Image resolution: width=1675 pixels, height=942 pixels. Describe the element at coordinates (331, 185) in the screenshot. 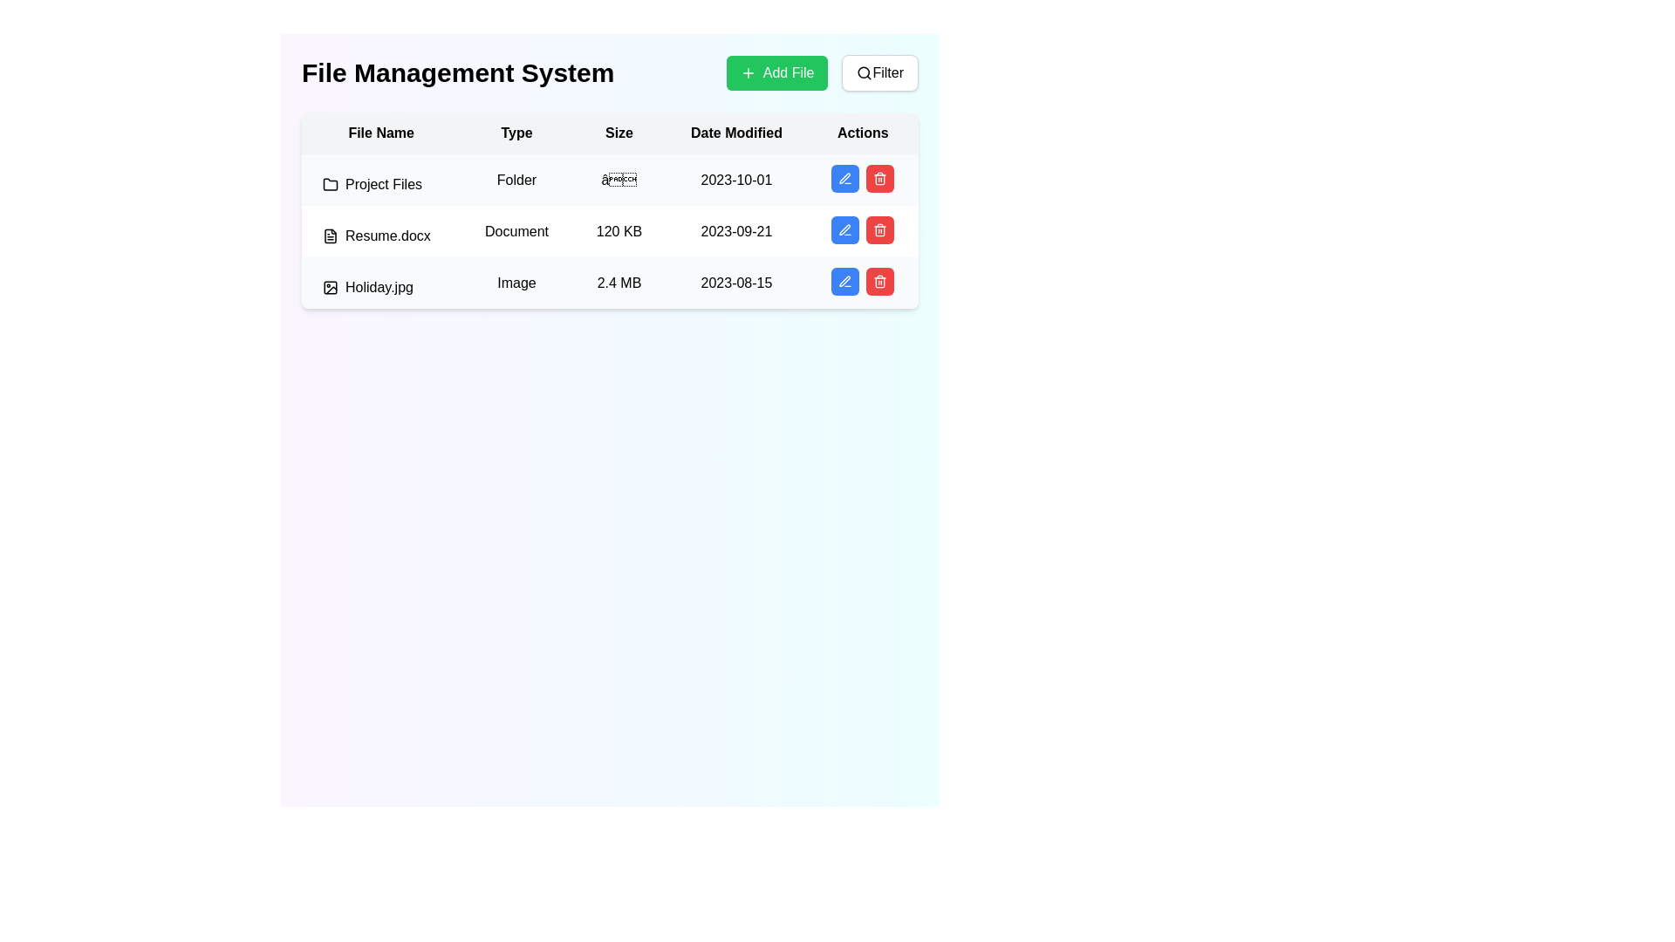

I see `the small folder icon with an outline appearance located to the left of the text label 'Project Files' in the first row of the tabular list under the 'File Name' column` at that location.